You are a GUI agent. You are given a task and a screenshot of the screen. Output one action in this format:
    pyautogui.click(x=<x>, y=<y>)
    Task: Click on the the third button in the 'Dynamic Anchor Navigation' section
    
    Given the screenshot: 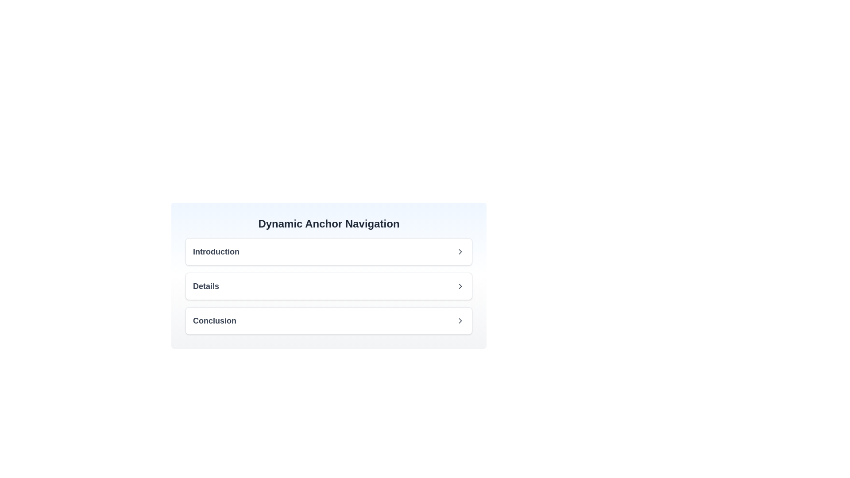 What is the action you would take?
    pyautogui.click(x=328, y=321)
    